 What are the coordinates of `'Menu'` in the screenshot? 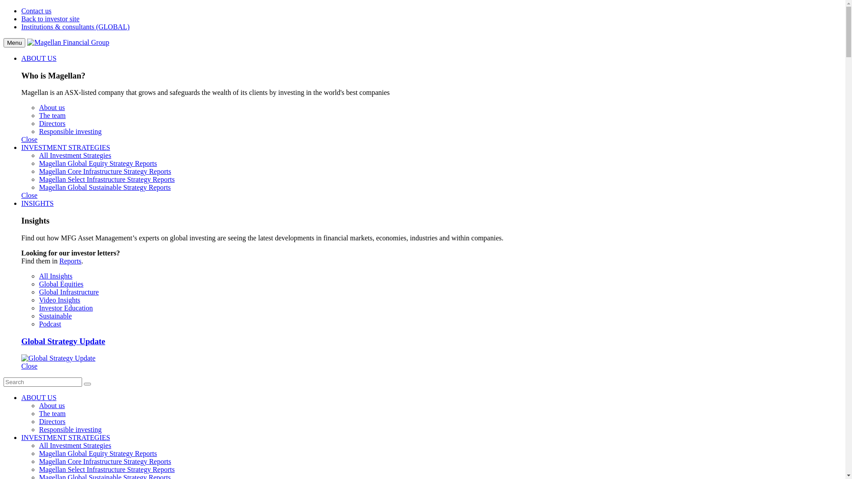 It's located at (4, 43).